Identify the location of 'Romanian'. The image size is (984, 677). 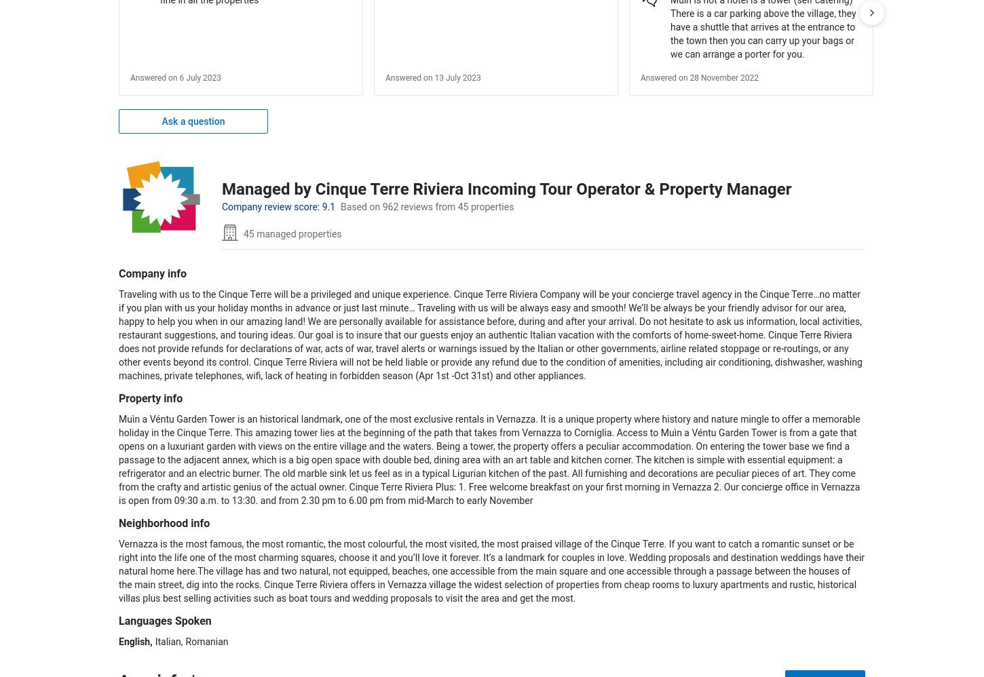
(206, 641).